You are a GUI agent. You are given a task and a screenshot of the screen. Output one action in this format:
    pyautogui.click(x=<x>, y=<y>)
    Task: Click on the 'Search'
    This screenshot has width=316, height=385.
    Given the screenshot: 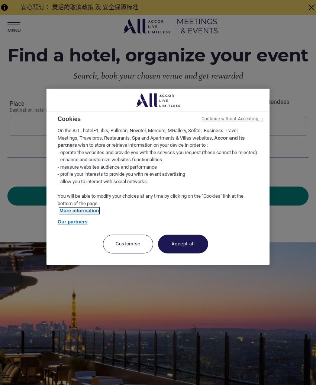 What is the action you would take?
    pyautogui.click(x=158, y=196)
    